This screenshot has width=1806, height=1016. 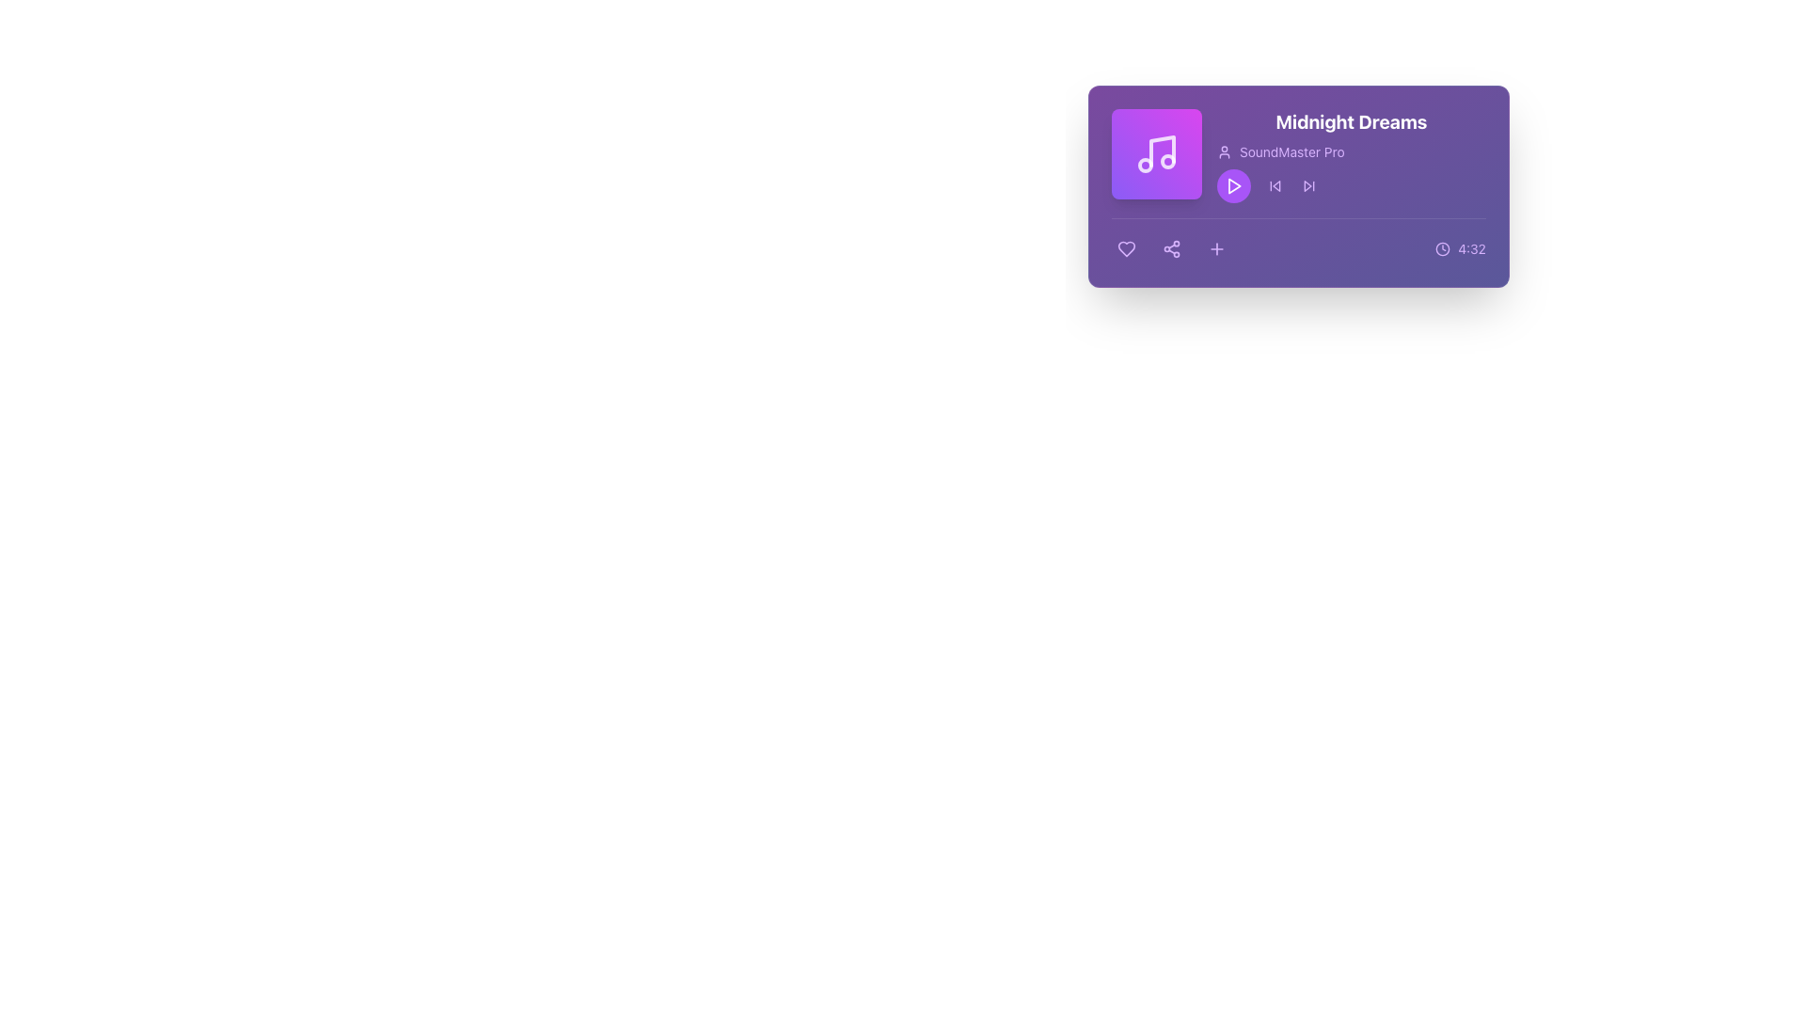 I want to click on the 'Play' button located between the track details and auxiliary action icons to initiate media playback, so click(x=1233, y=185).